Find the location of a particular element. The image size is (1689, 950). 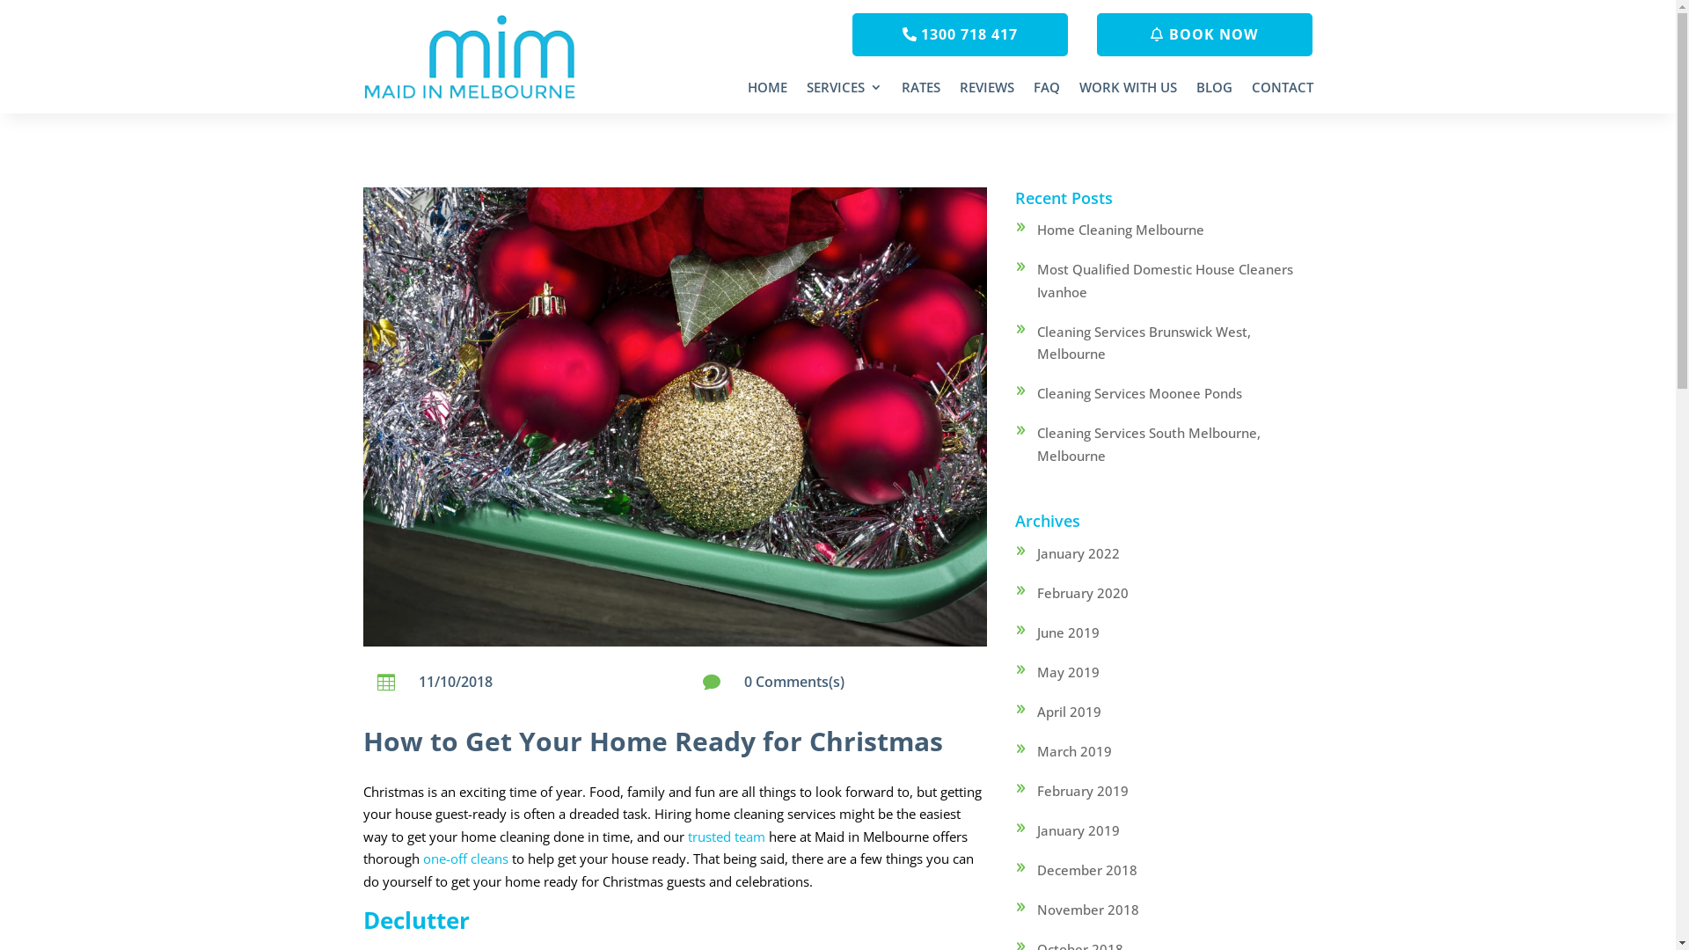

'Cleaning Services South Melbourne, Melbourne' is located at coordinates (1148, 443).